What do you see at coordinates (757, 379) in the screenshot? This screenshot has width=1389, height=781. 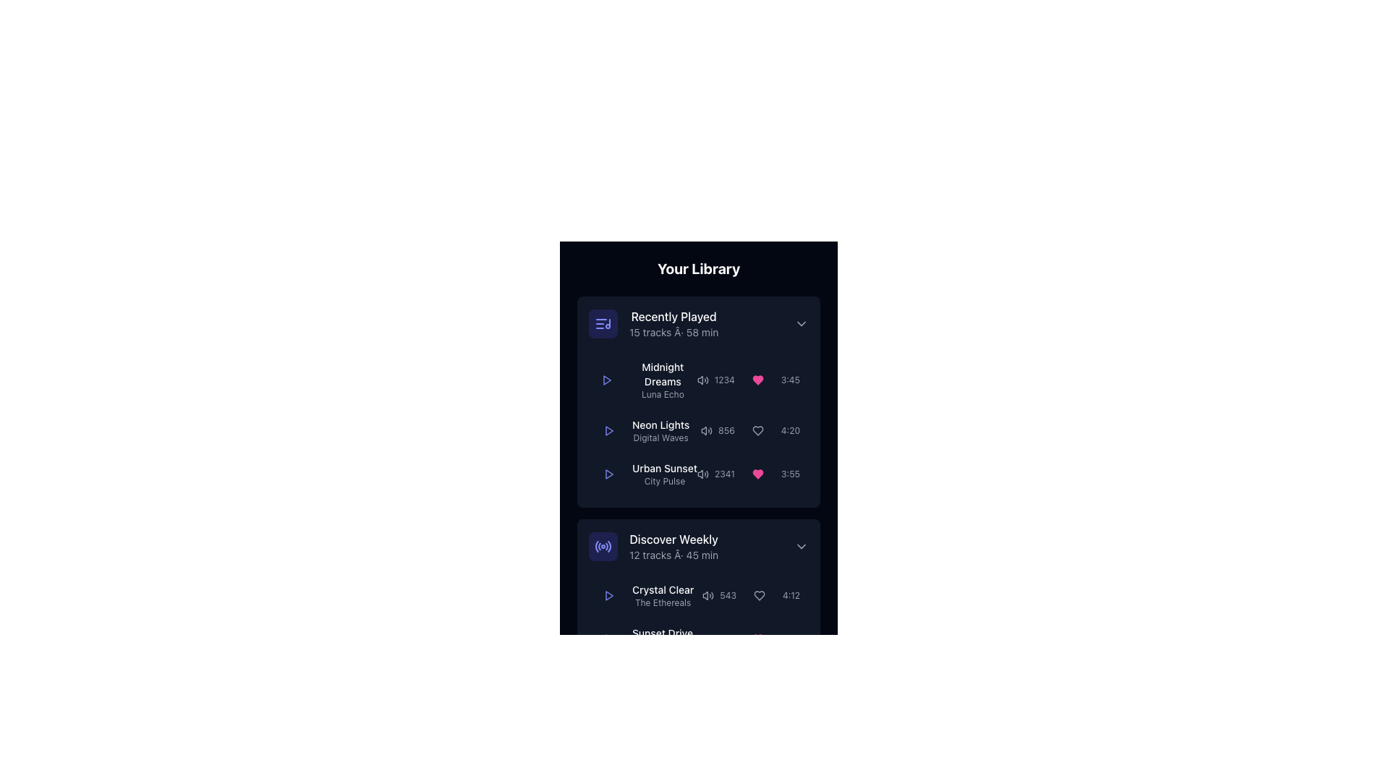 I see `the Heart Icon associated with the entry 'Midnight Dreams' in the 'Recently Played' section` at bounding box center [757, 379].